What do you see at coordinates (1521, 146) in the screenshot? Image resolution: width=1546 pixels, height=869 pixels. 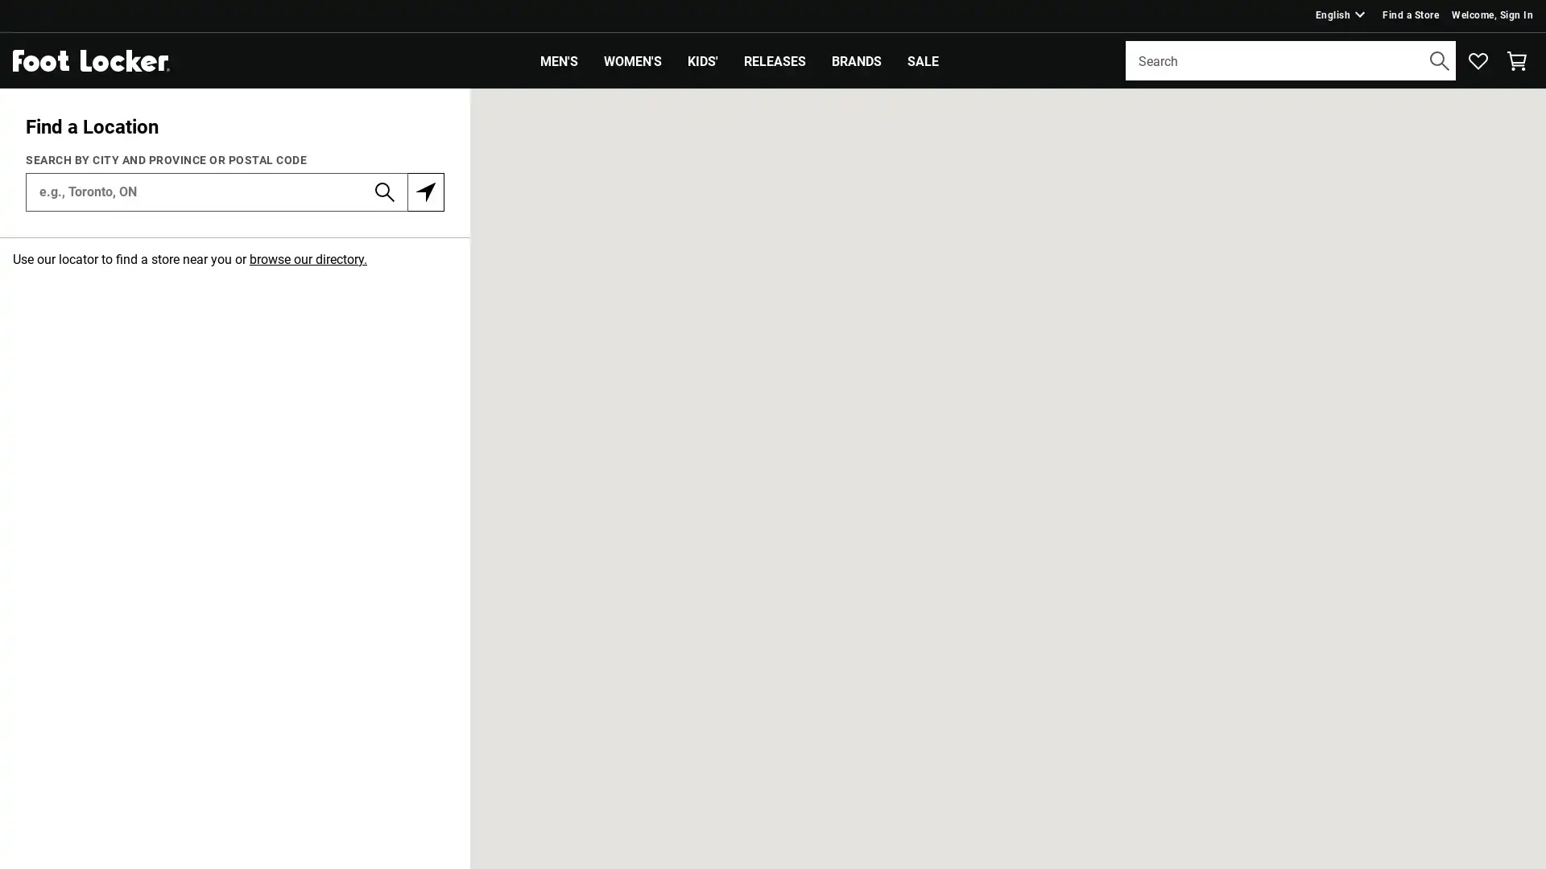 I see `Zoom out` at bounding box center [1521, 146].